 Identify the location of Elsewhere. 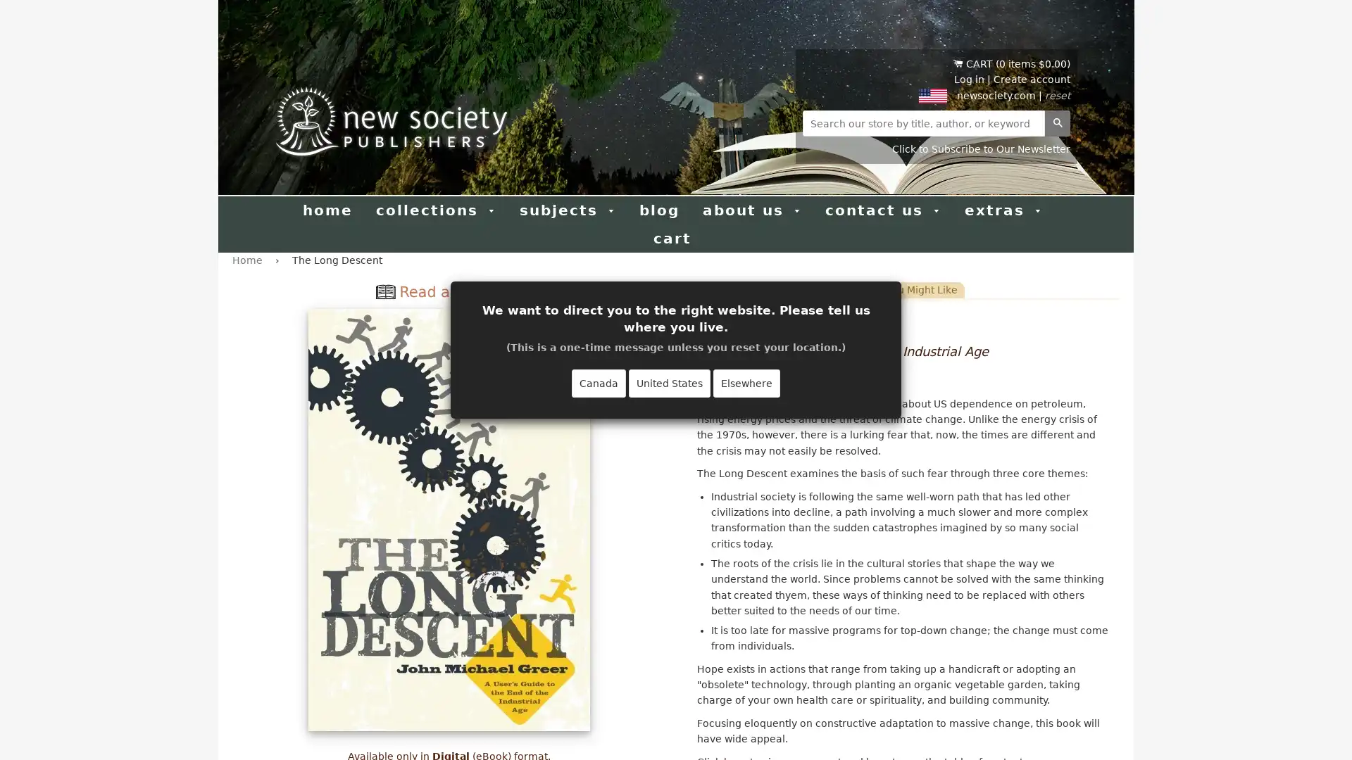
(746, 383).